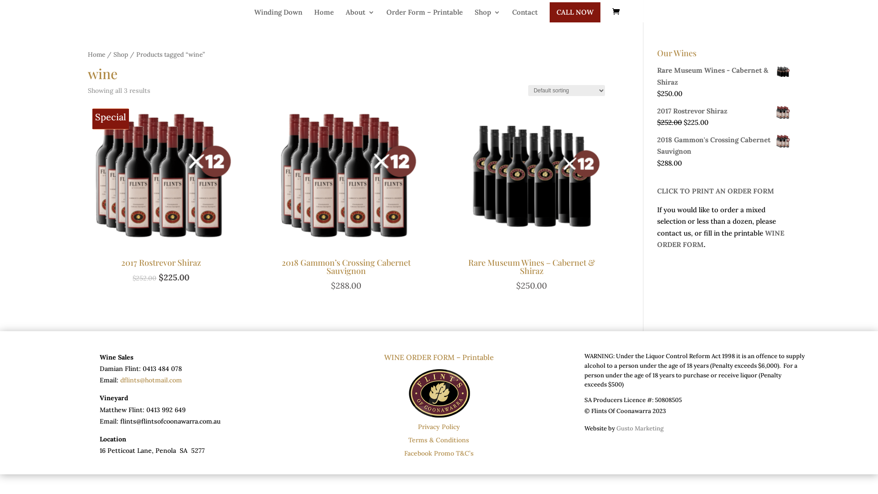 The width and height of the screenshot is (878, 494). I want to click on 'Home', so click(96, 54).